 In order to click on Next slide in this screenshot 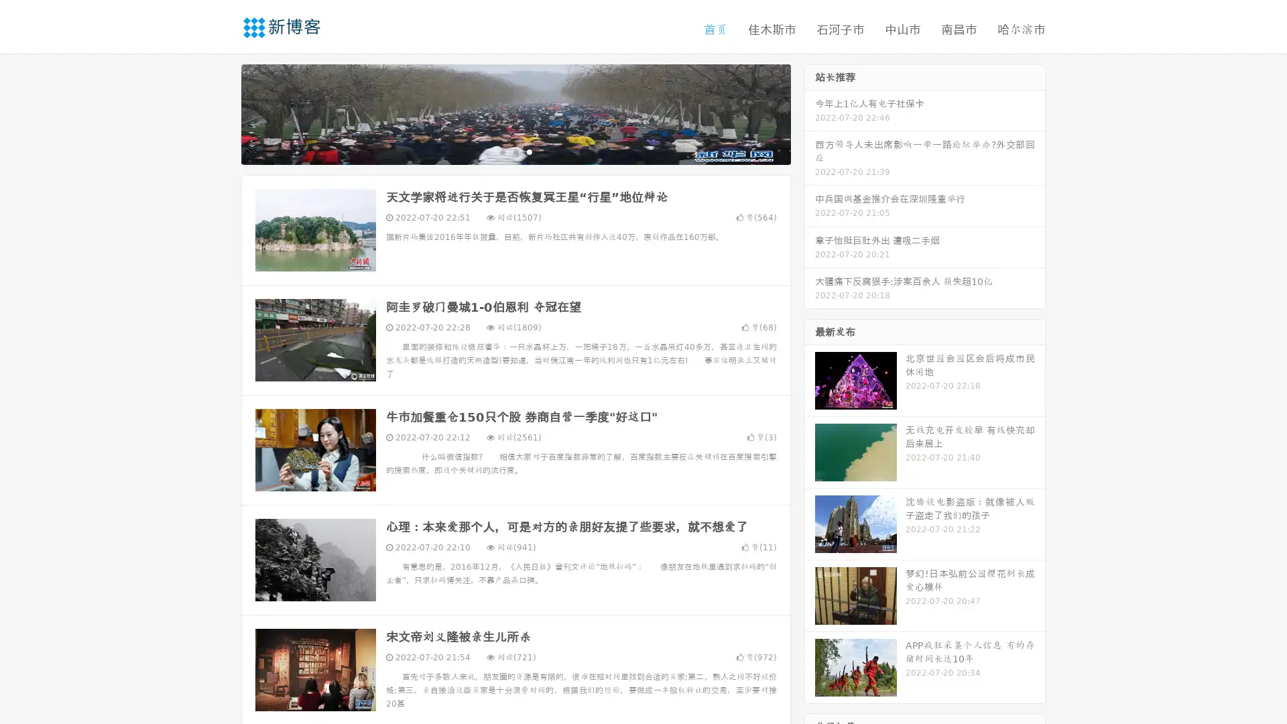, I will do `click(810, 113)`.